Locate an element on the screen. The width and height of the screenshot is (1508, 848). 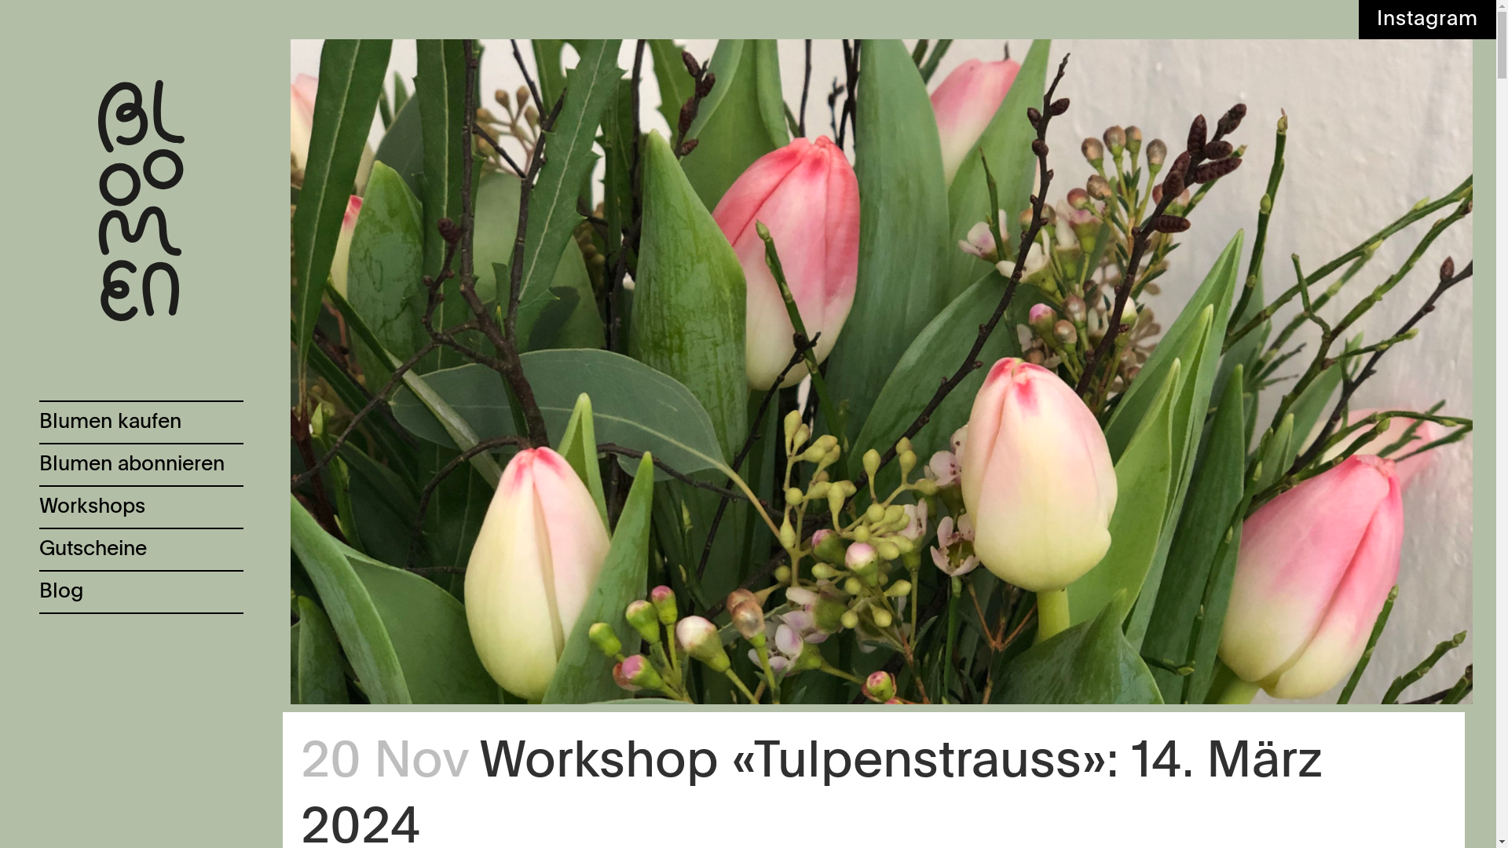
'Blumen abonnieren' is located at coordinates (141, 462).